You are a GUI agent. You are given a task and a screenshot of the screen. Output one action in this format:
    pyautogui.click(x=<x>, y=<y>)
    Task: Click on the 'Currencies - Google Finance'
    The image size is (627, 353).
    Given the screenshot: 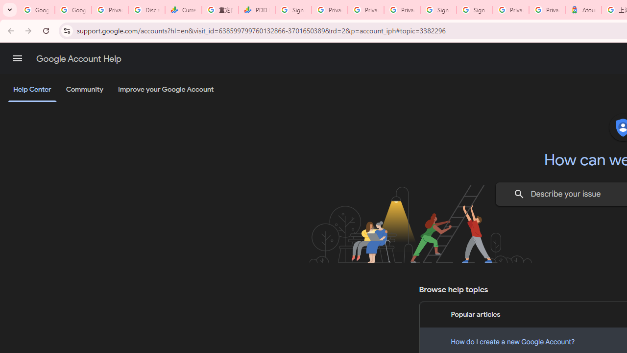 What is the action you would take?
    pyautogui.click(x=183, y=10)
    